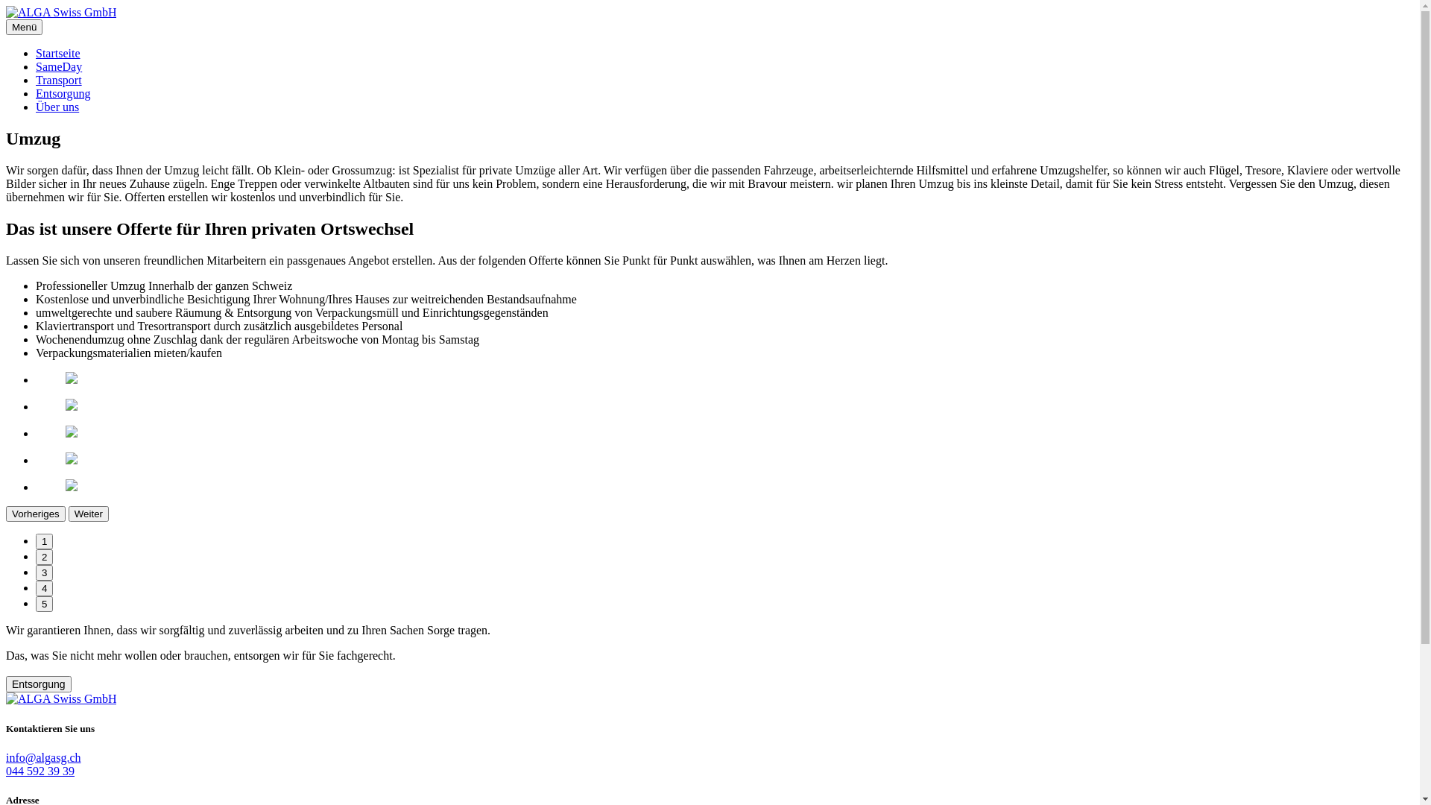  What do you see at coordinates (44, 557) in the screenshot?
I see `'2'` at bounding box center [44, 557].